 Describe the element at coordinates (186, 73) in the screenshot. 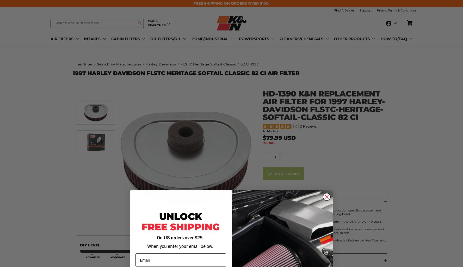

I see `'1997 Harley Davidson FLSTC Heritage Softail Classic 82 CI Air Filter'` at that location.